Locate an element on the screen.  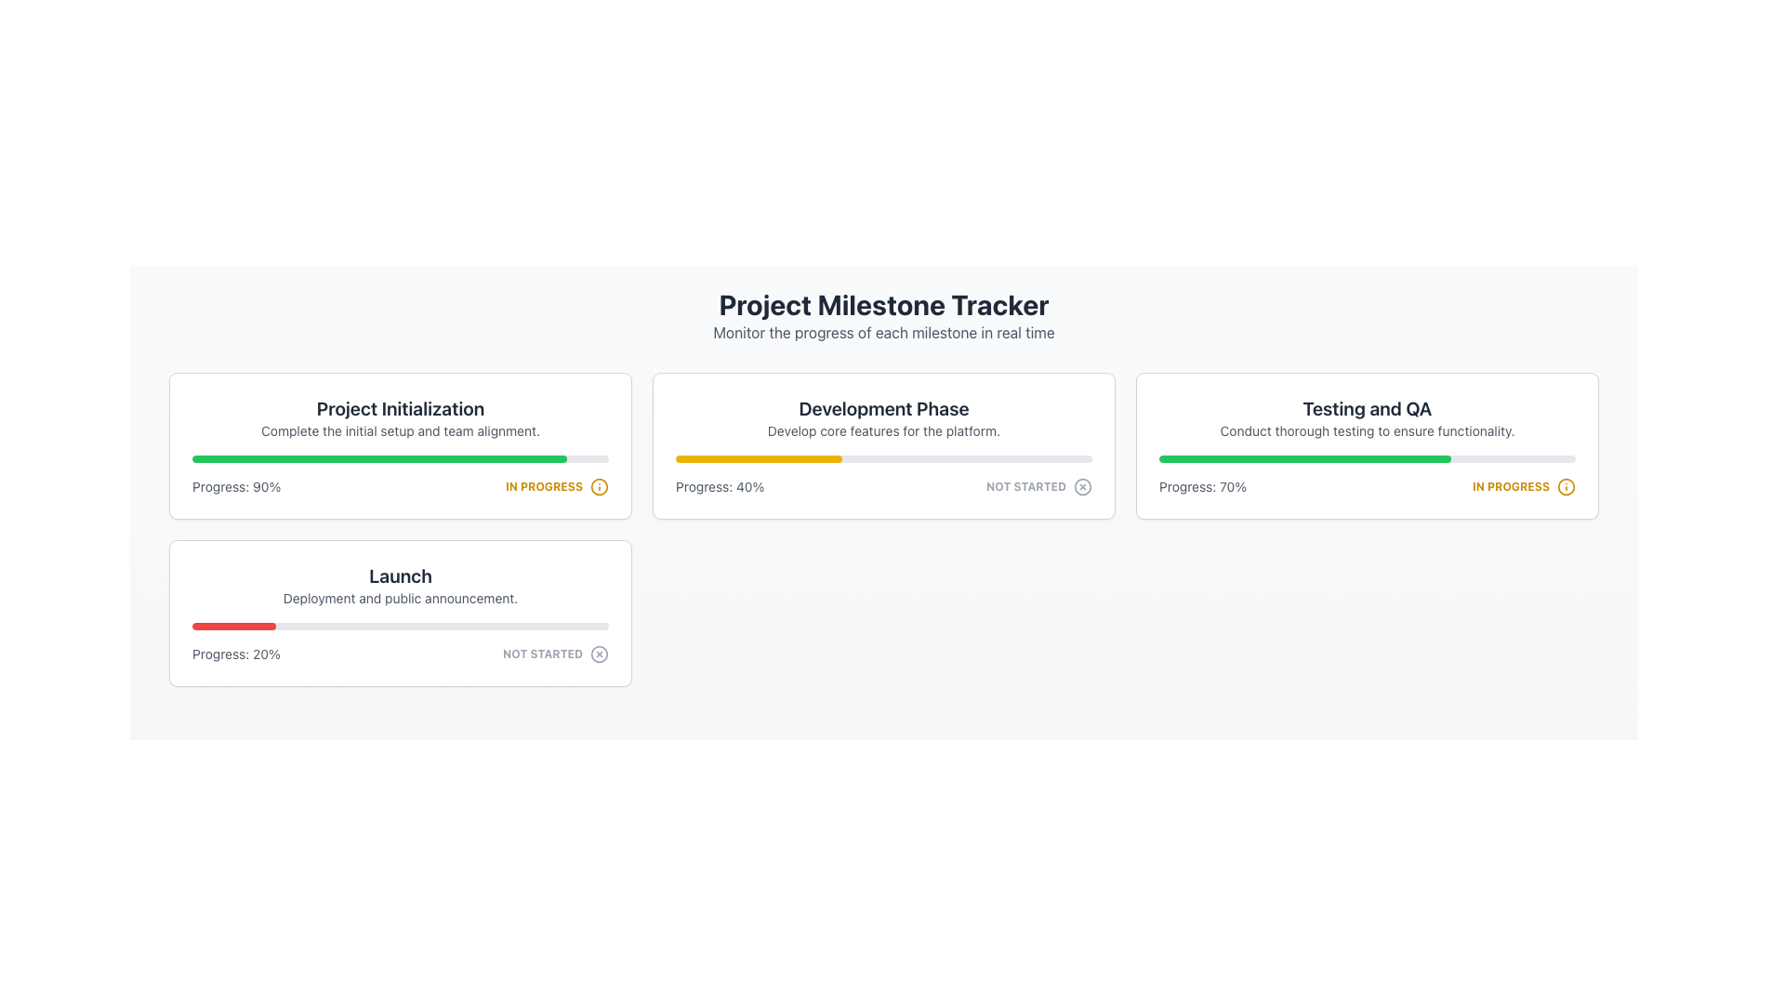
the 'In Progress' status label with the accompanying icon located in the 'Progress: 90%' section of the 'Project Initialization' card is located at coordinates (556, 486).